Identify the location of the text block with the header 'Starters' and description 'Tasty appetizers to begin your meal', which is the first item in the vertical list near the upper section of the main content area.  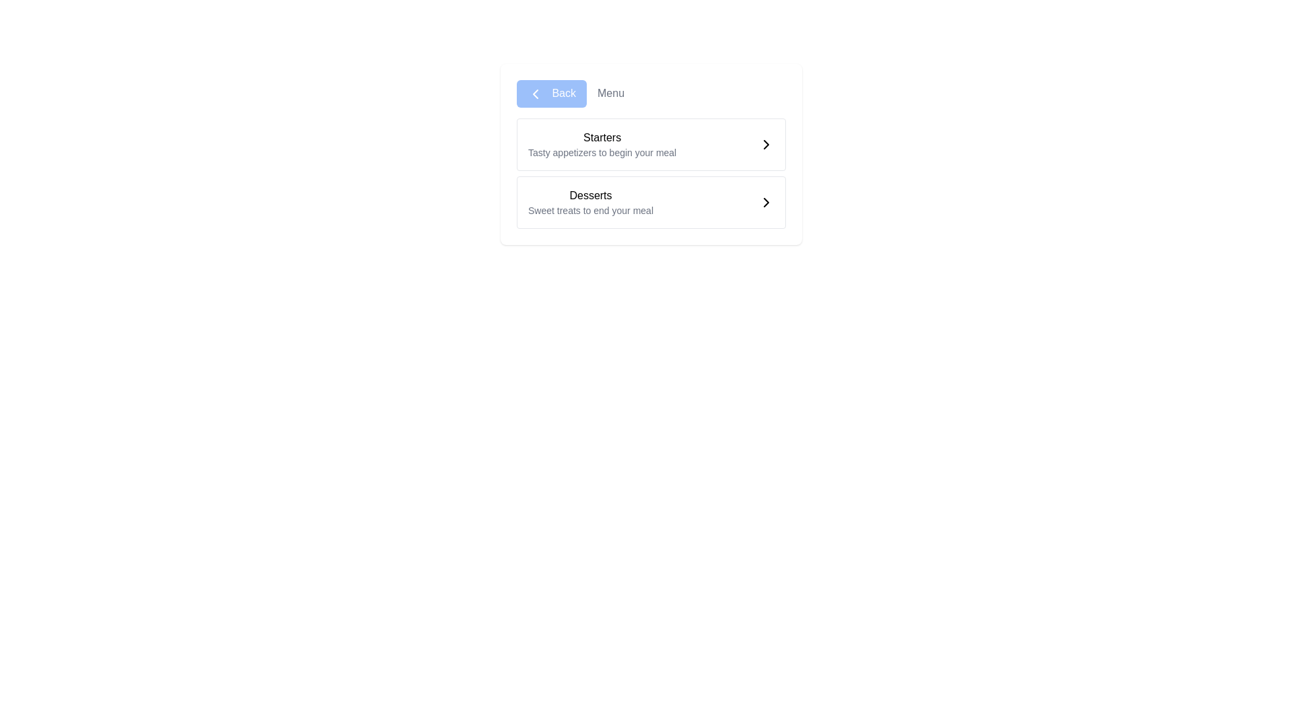
(651, 143).